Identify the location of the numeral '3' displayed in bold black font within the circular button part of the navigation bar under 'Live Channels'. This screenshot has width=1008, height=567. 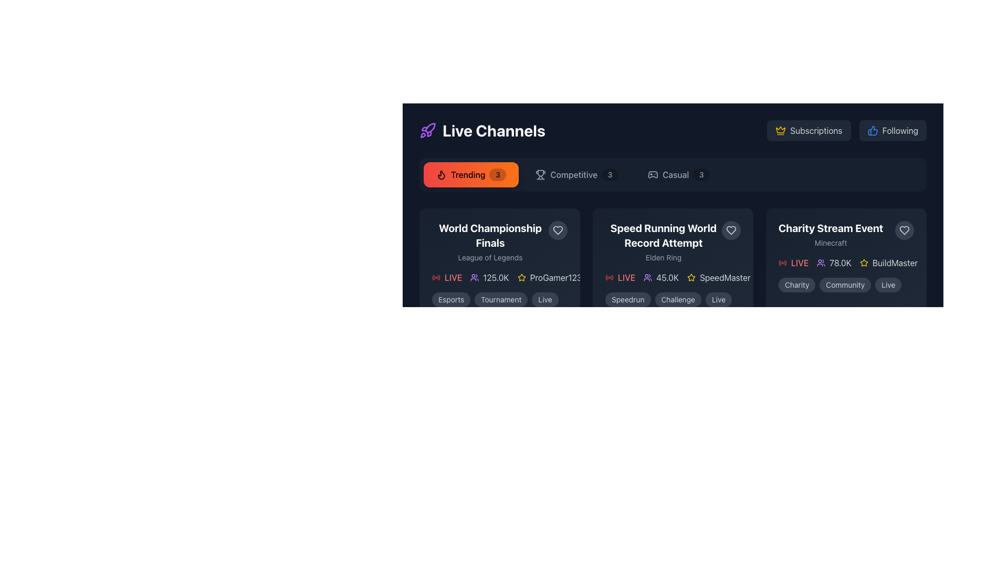
(497, 174).